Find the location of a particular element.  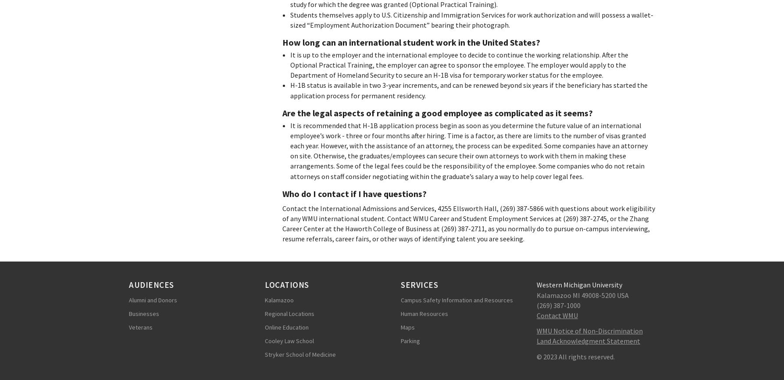

'(269) 387-1000' is located at coordinates (558, 304).